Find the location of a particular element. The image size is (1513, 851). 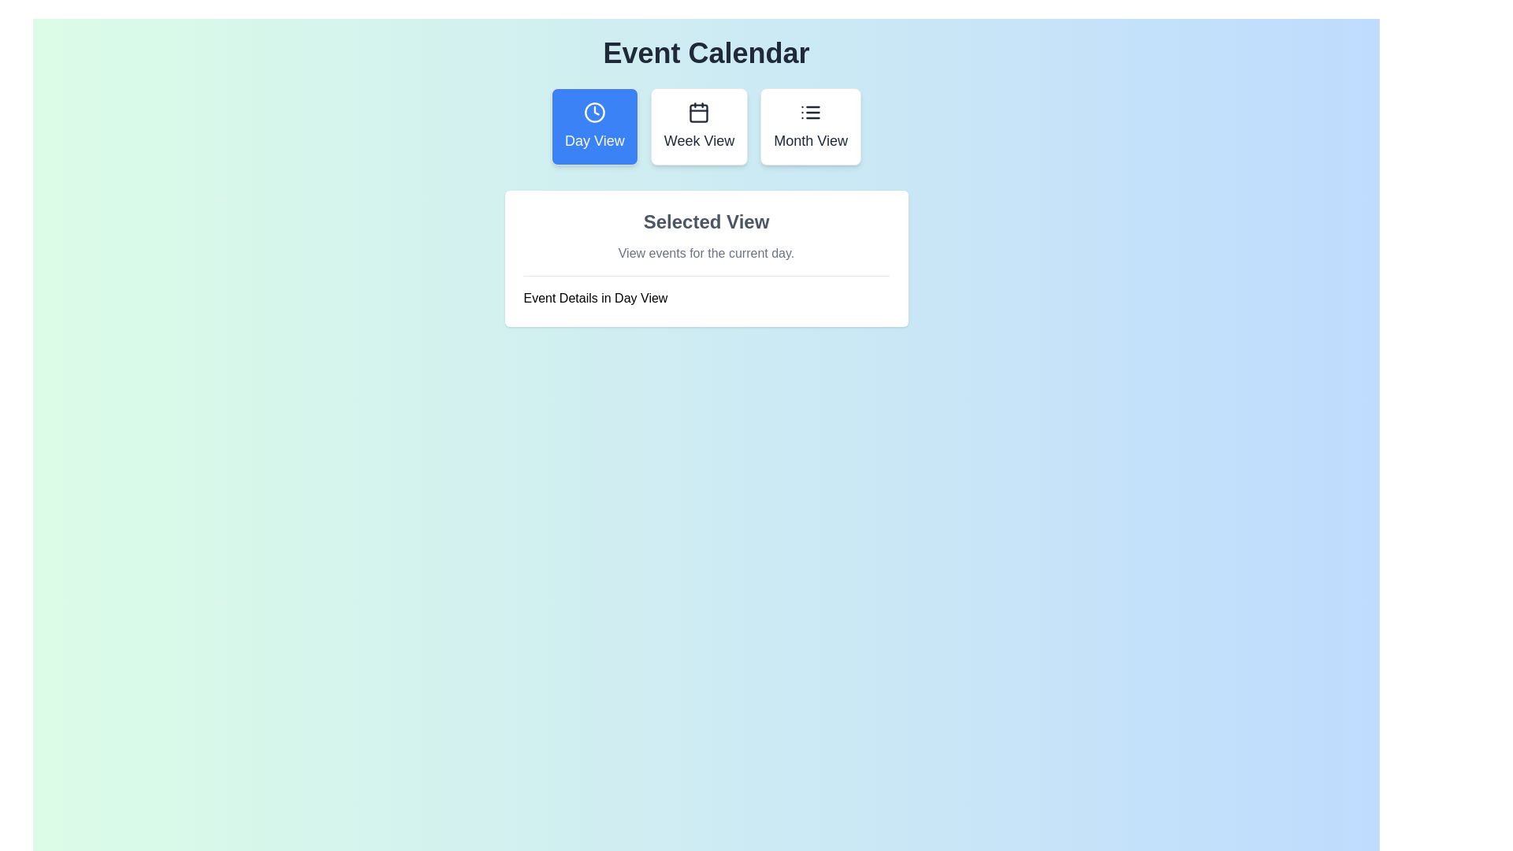

the calendar view to Day View is located at coordinates (593, 126).